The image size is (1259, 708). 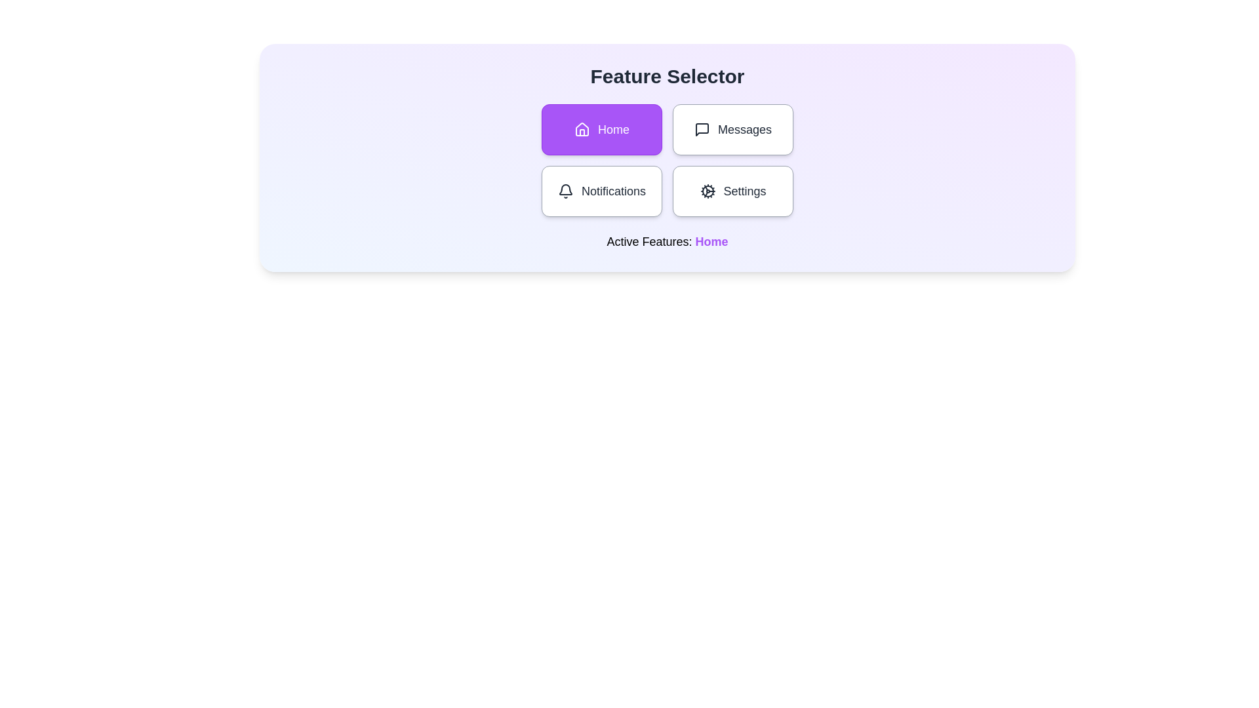 What do you see at coordinates (701, 129) in the screenshot?
I see `'Messages' icon (SVG) located inside the second button in the row, which is to the right of the 'Home' button and above the 'Notifications' and 'Settings' buttons` at bounding box center [701, 129].